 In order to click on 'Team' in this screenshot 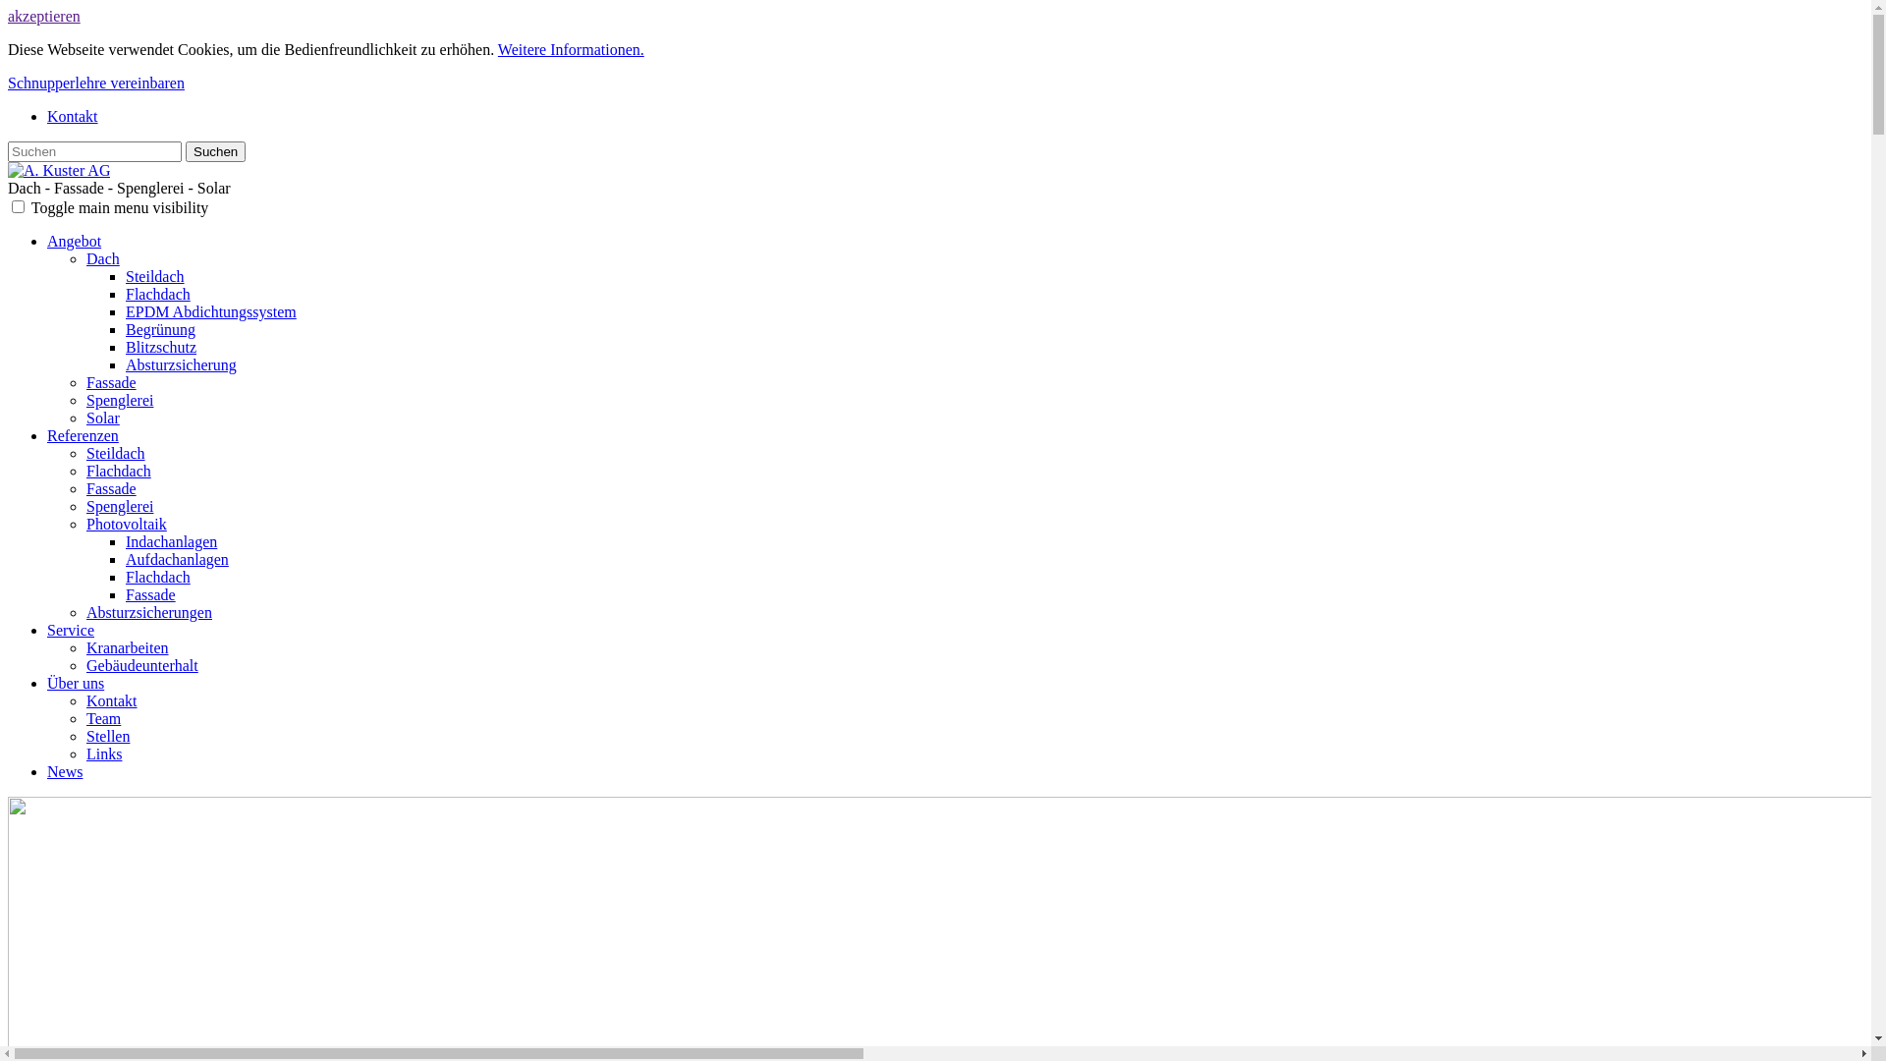, I will do `click(102, 718)`.